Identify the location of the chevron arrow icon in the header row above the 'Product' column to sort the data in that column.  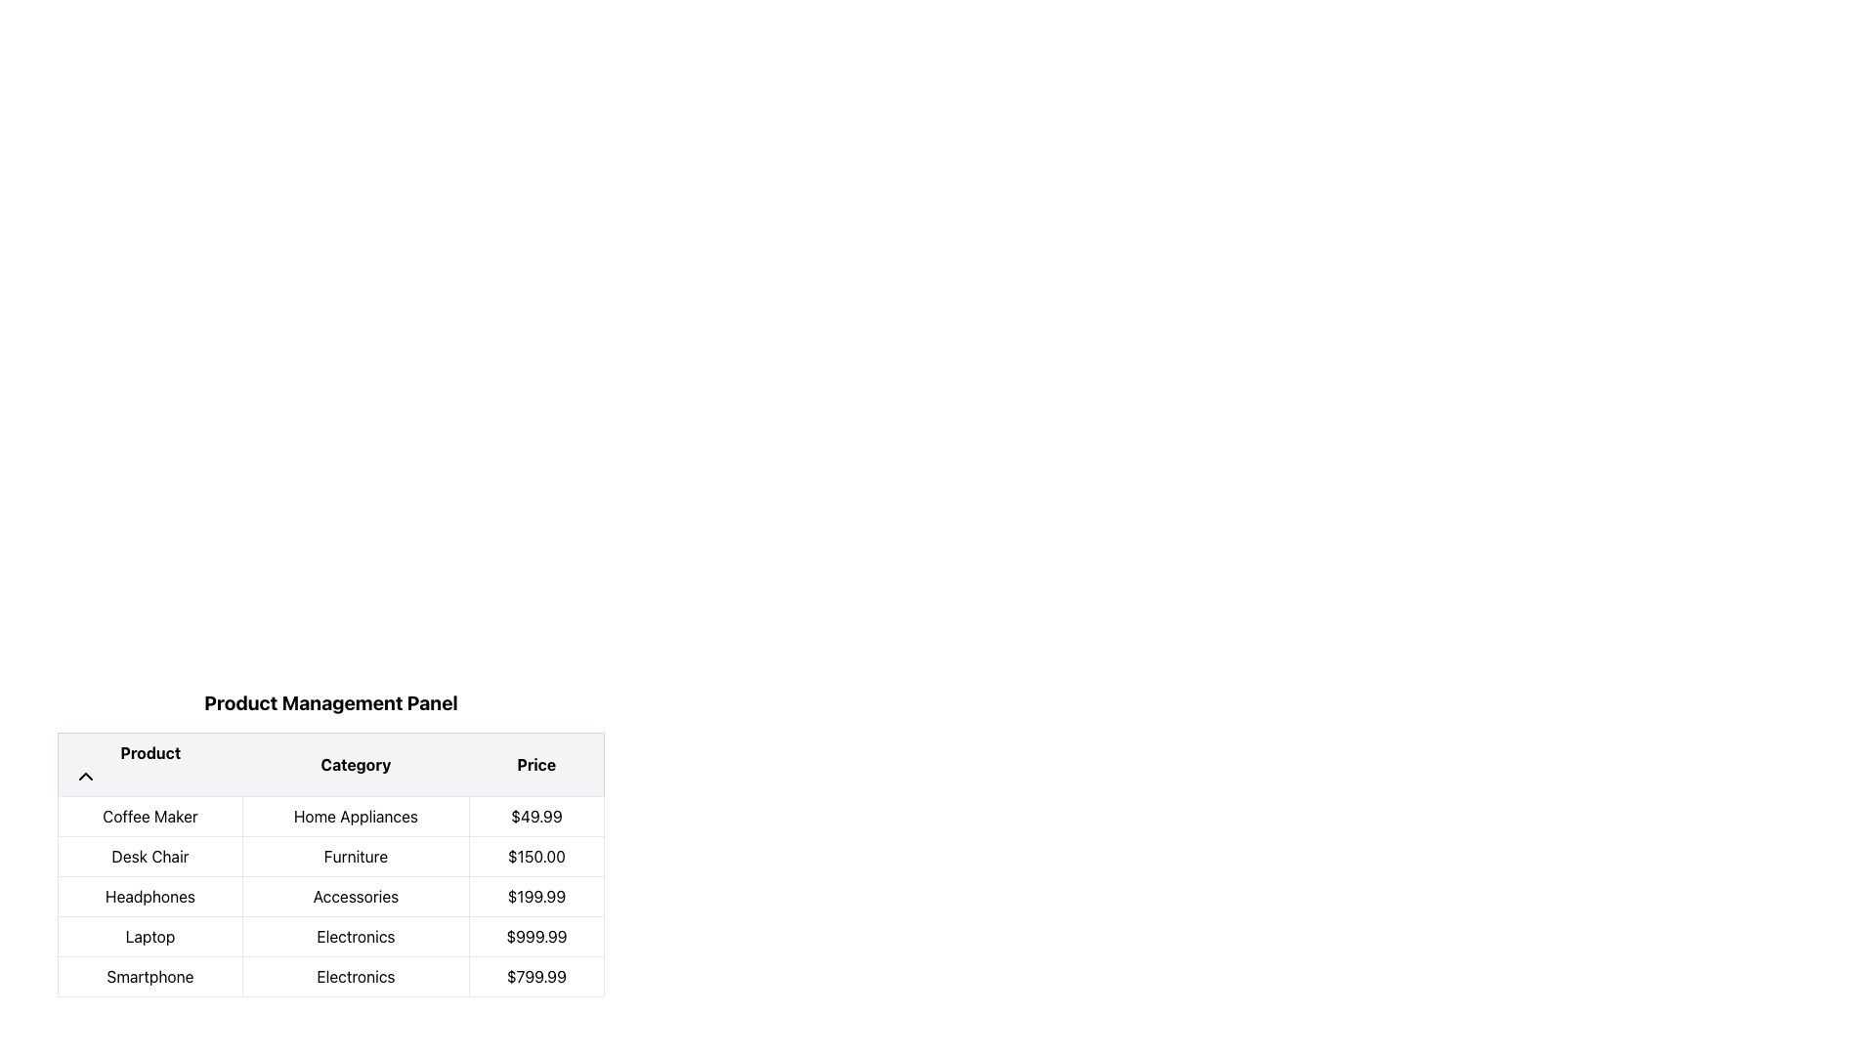
(84, 775).